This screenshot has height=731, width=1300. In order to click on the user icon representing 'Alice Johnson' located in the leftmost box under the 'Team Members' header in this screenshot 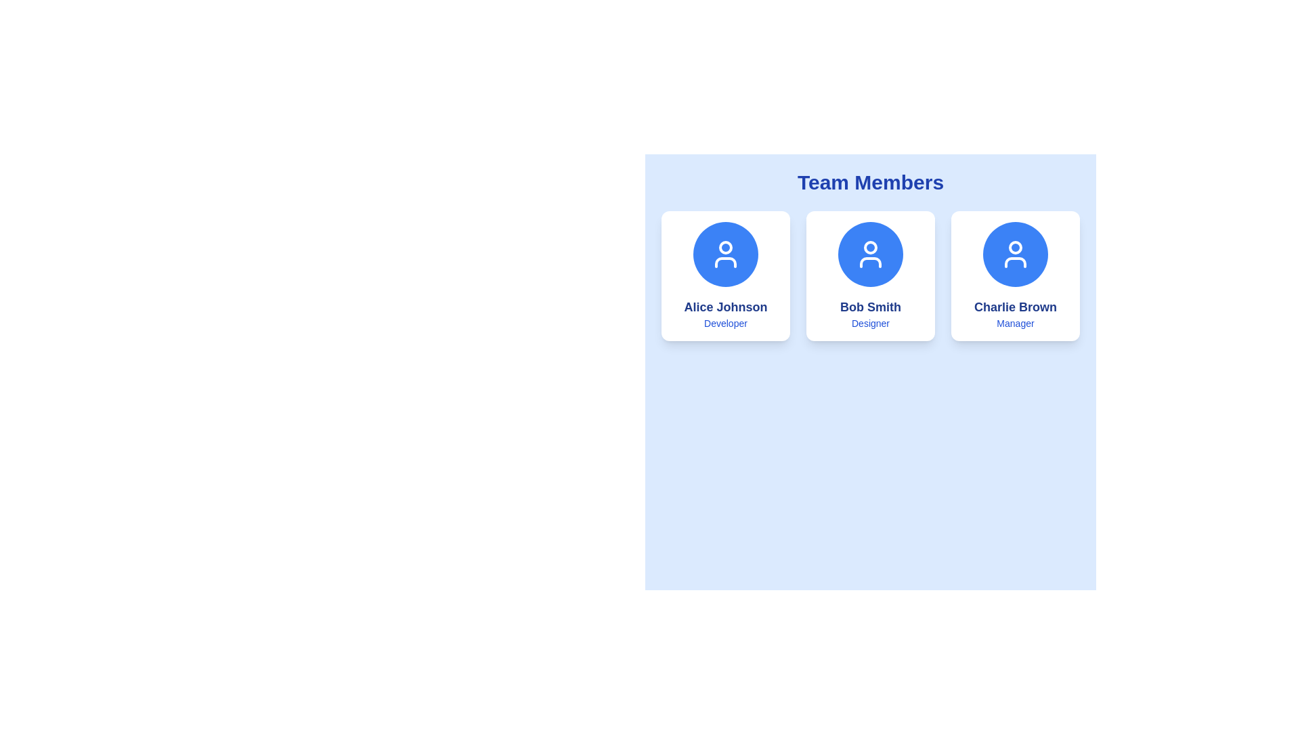, I will do `click(724, 254)`.